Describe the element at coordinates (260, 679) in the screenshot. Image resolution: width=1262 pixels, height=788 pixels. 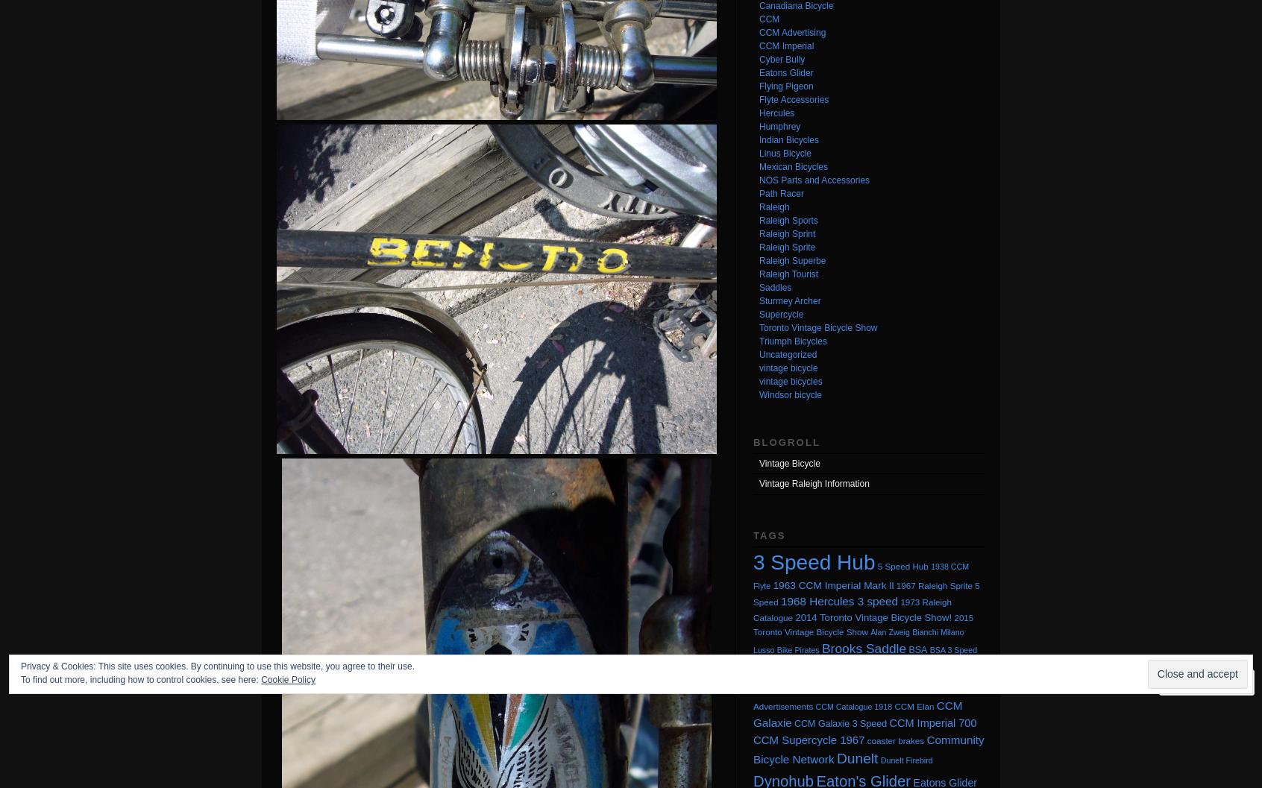
I see `'Cookie Policy'` at that location.